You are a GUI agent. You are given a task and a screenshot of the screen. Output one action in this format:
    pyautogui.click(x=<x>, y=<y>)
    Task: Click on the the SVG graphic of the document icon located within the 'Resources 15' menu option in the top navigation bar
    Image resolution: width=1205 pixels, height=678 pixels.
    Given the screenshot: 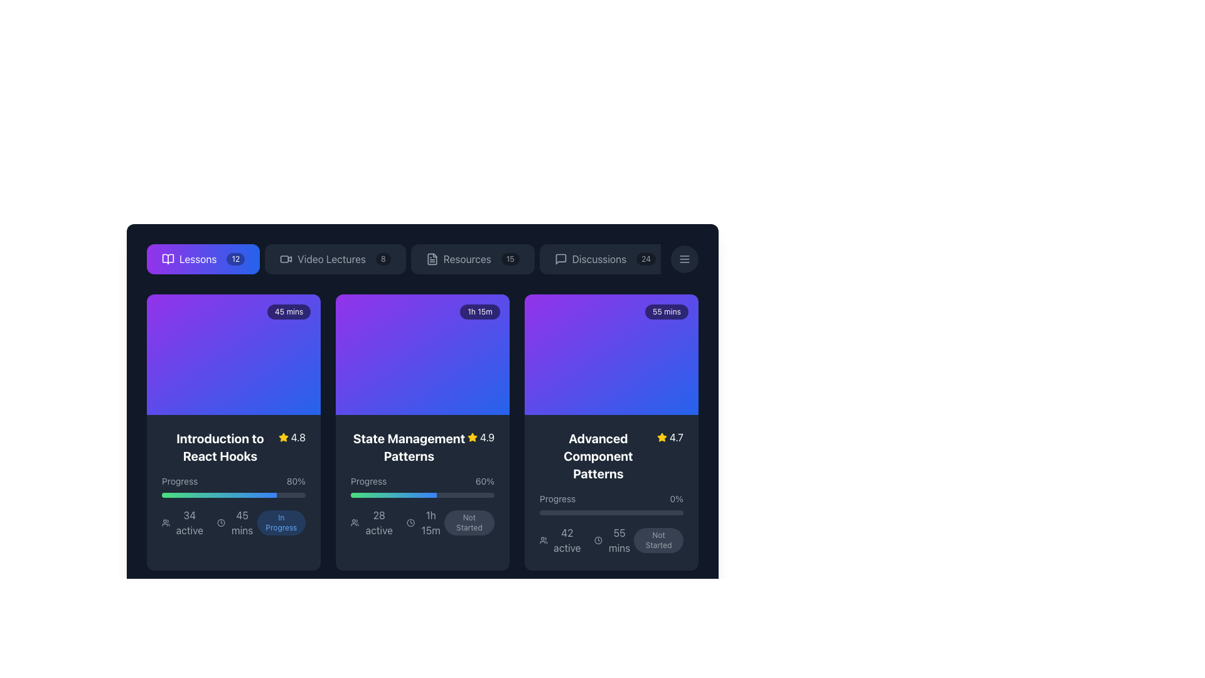 What is the action you would take?
    pyautogui.click(x=432, y=258)
    